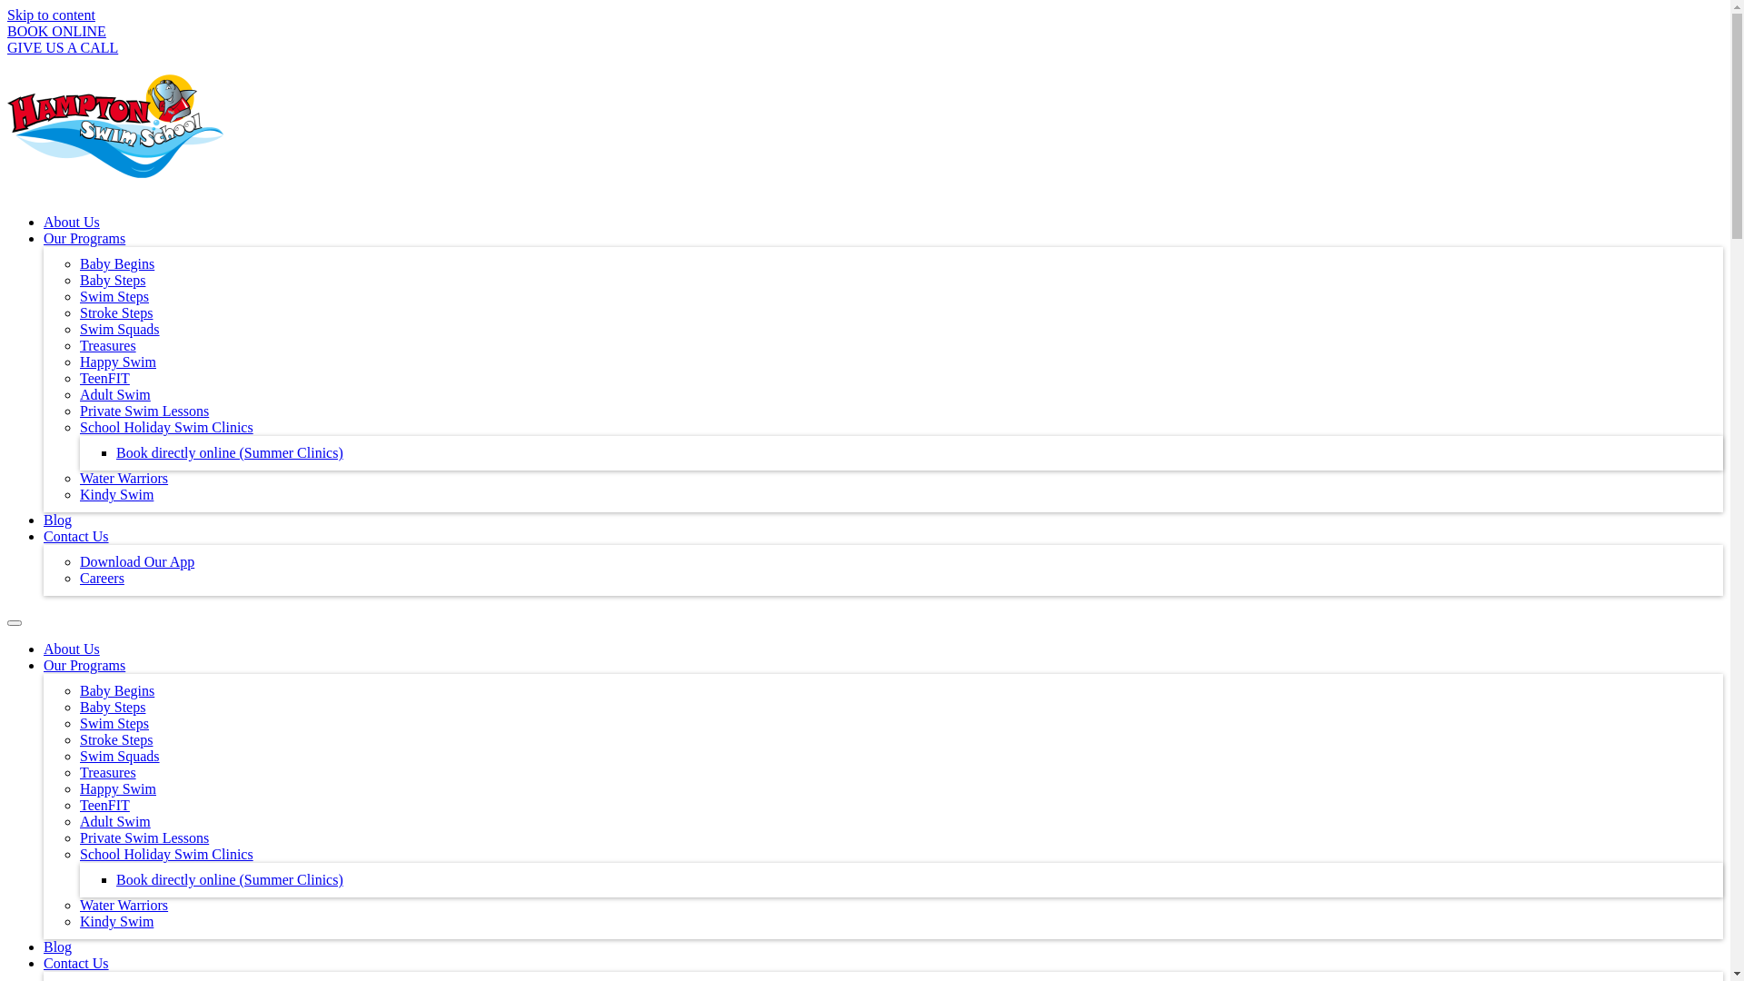 The width and height of the screenshot is (1744, 981). I want to click on 'Book directly online (Summer Clinics)', so click(229, 451).